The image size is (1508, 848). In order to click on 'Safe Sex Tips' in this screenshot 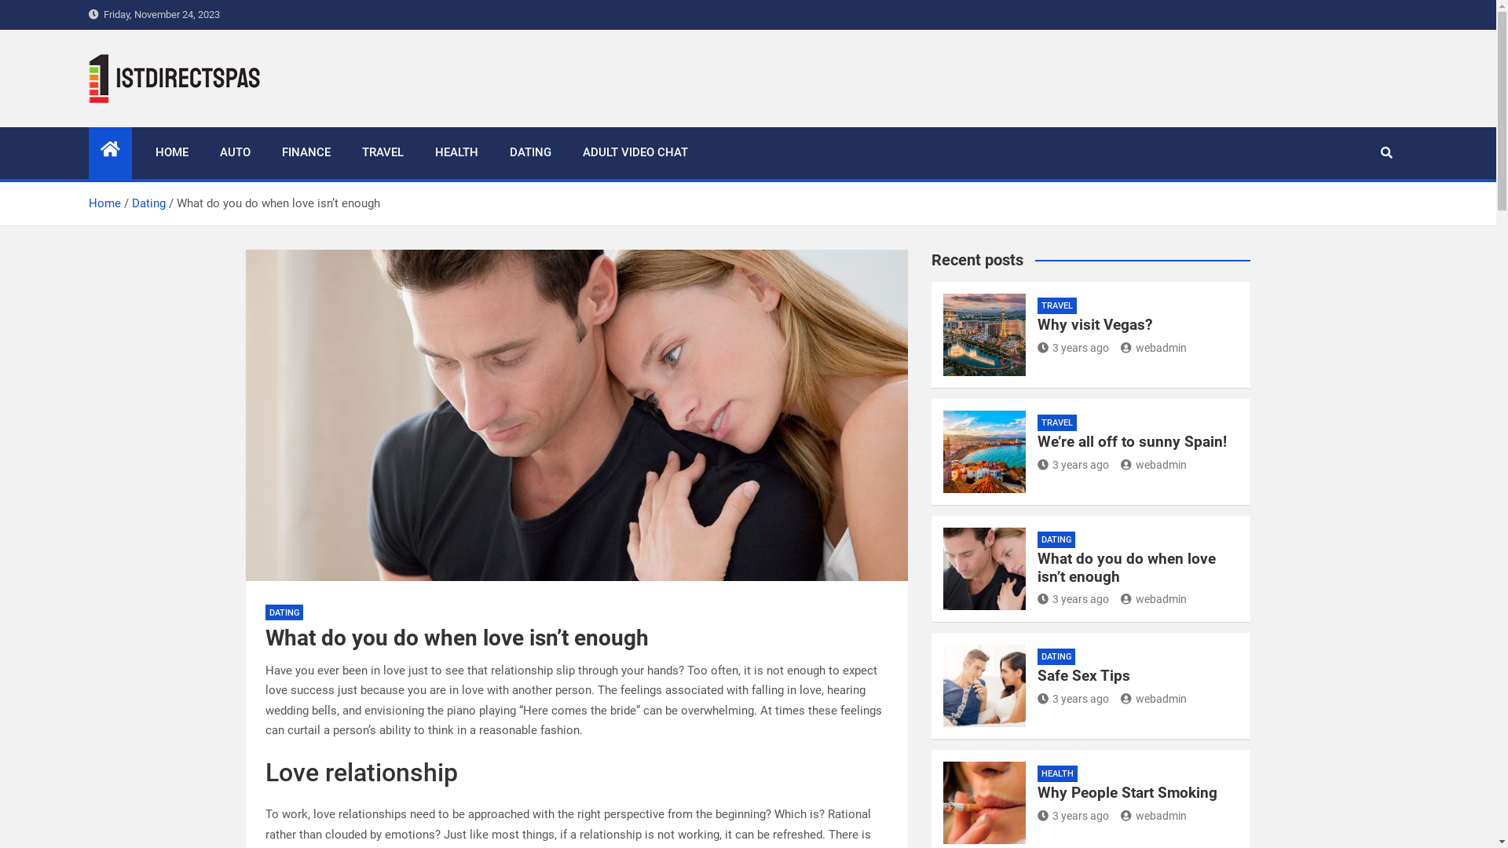, I will do `click(1083, 674)`.